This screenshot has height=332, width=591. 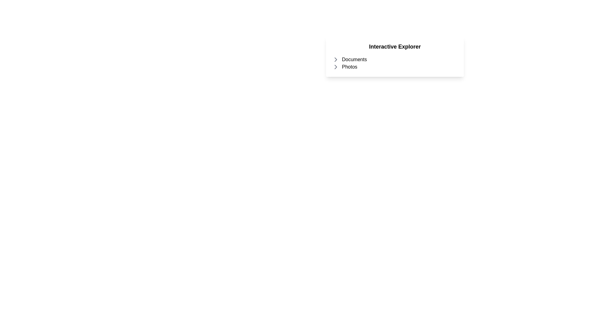 I want to click on text of the 'Photos' category label located beneath the 'Documents' label in the 'Interactive Explorer' panel, so click(x=349, y=67).